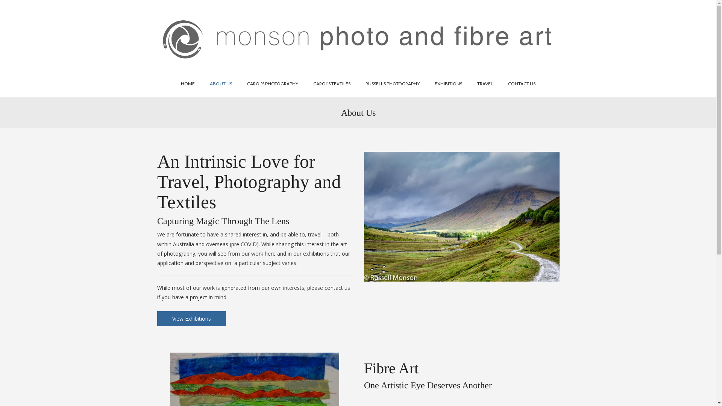 This screenshot has width=722, height=406. What do you see at coordinates (448, 84) in the screenshot?
I see `'EXHIBITIONS'` at bounding box center [448, 84].